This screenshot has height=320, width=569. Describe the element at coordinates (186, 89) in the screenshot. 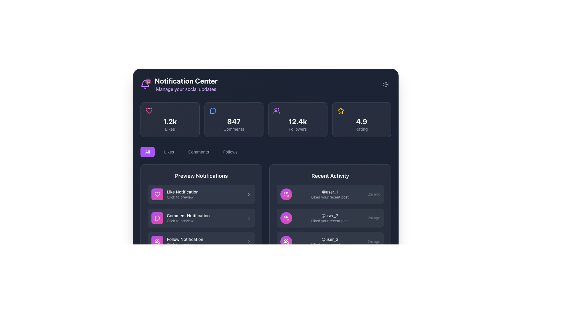

I see `the static text label that reads 'Manage your social updates', which is styled in light purple and located below the 'Notification Center' header` at that location.